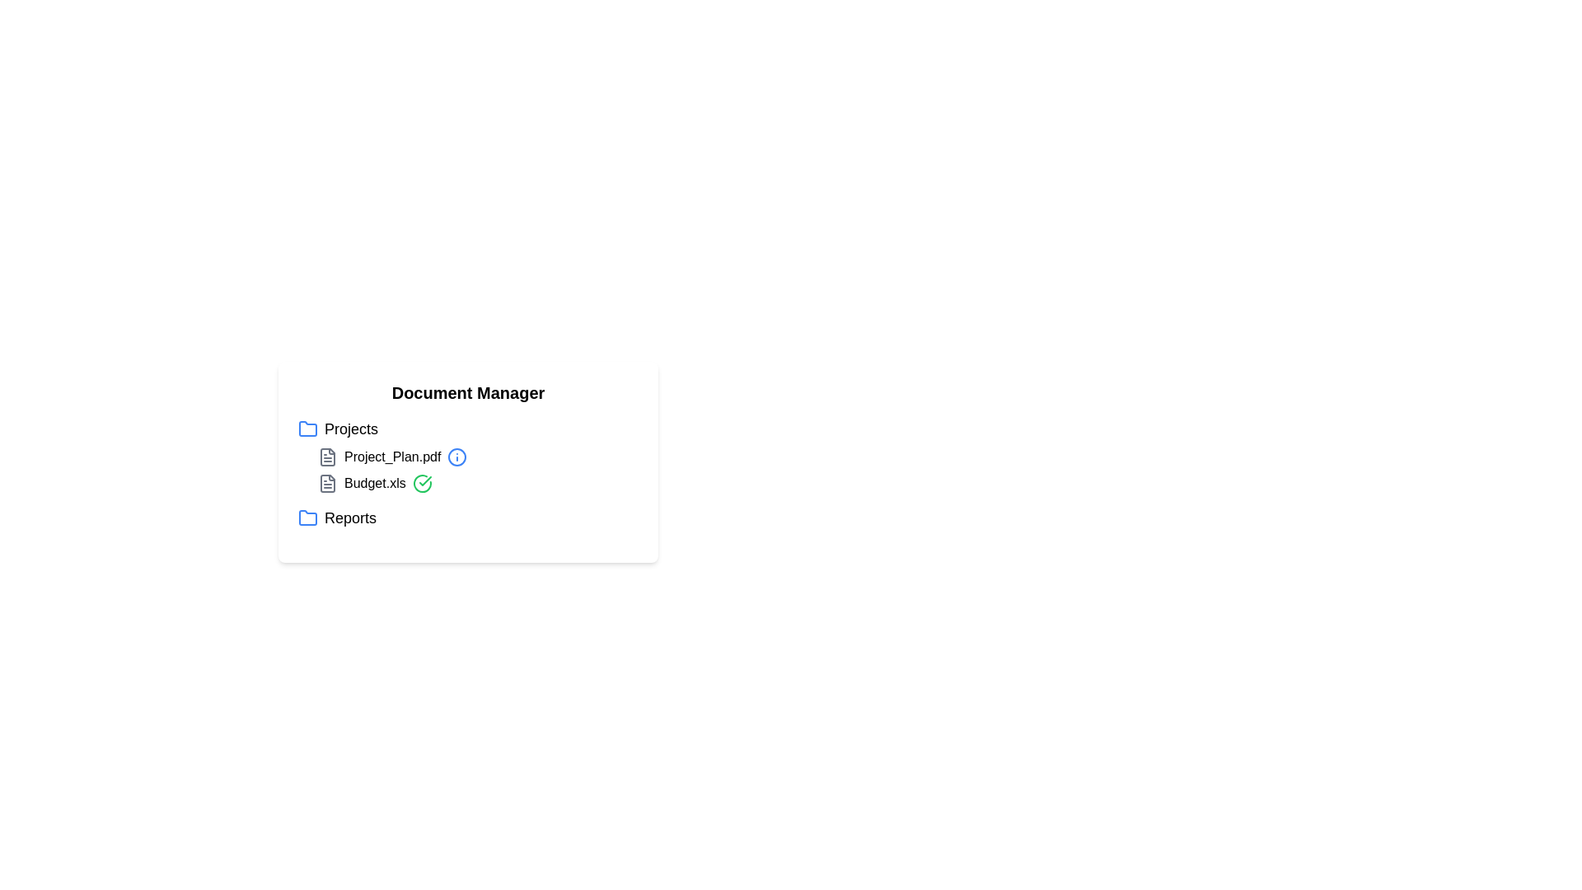 The height and width of the screenshot is (890, 1582). What do you see at coordinates (374, 482) in the screenshot?
I see `the file item Budget.xls to trigger its associated action` at bounding box center [374, 482].